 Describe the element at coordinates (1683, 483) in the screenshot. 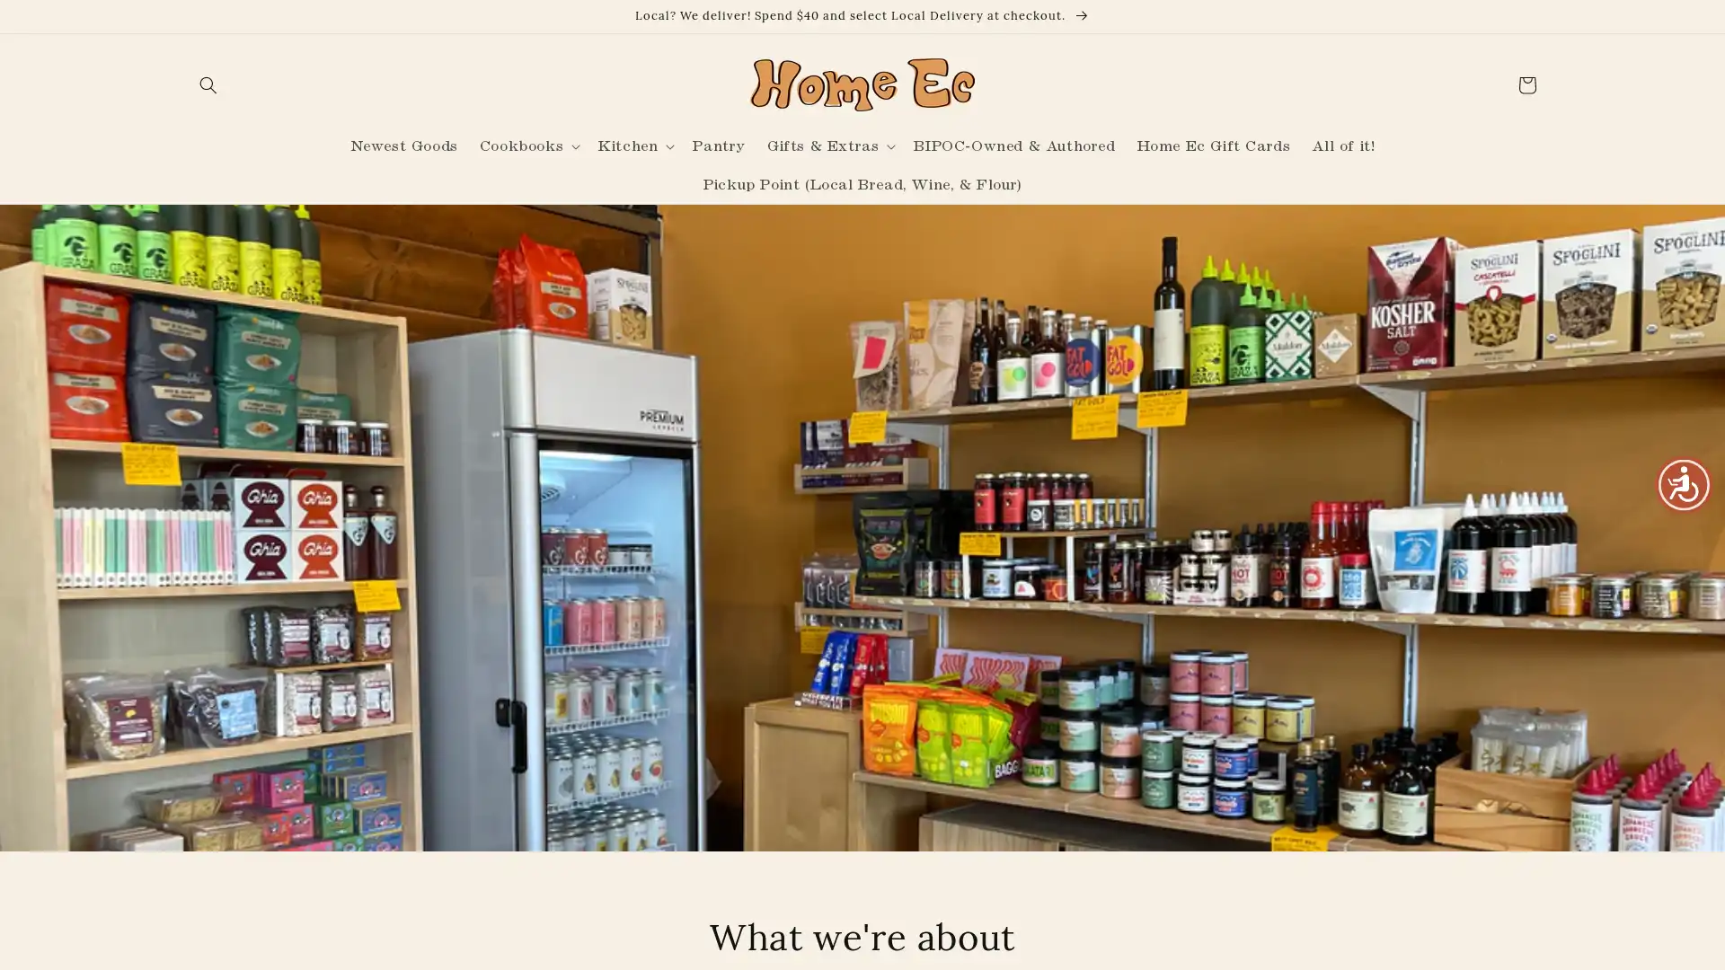

I see `Accessibility Menu` at that location.